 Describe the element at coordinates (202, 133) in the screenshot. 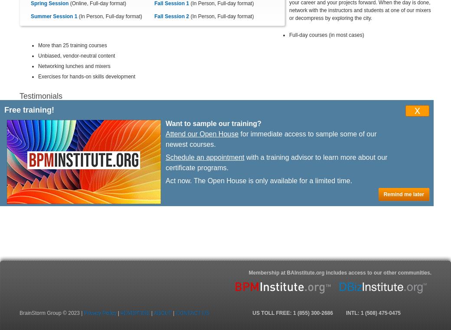

I see `'Attend our Open House'` at that location.